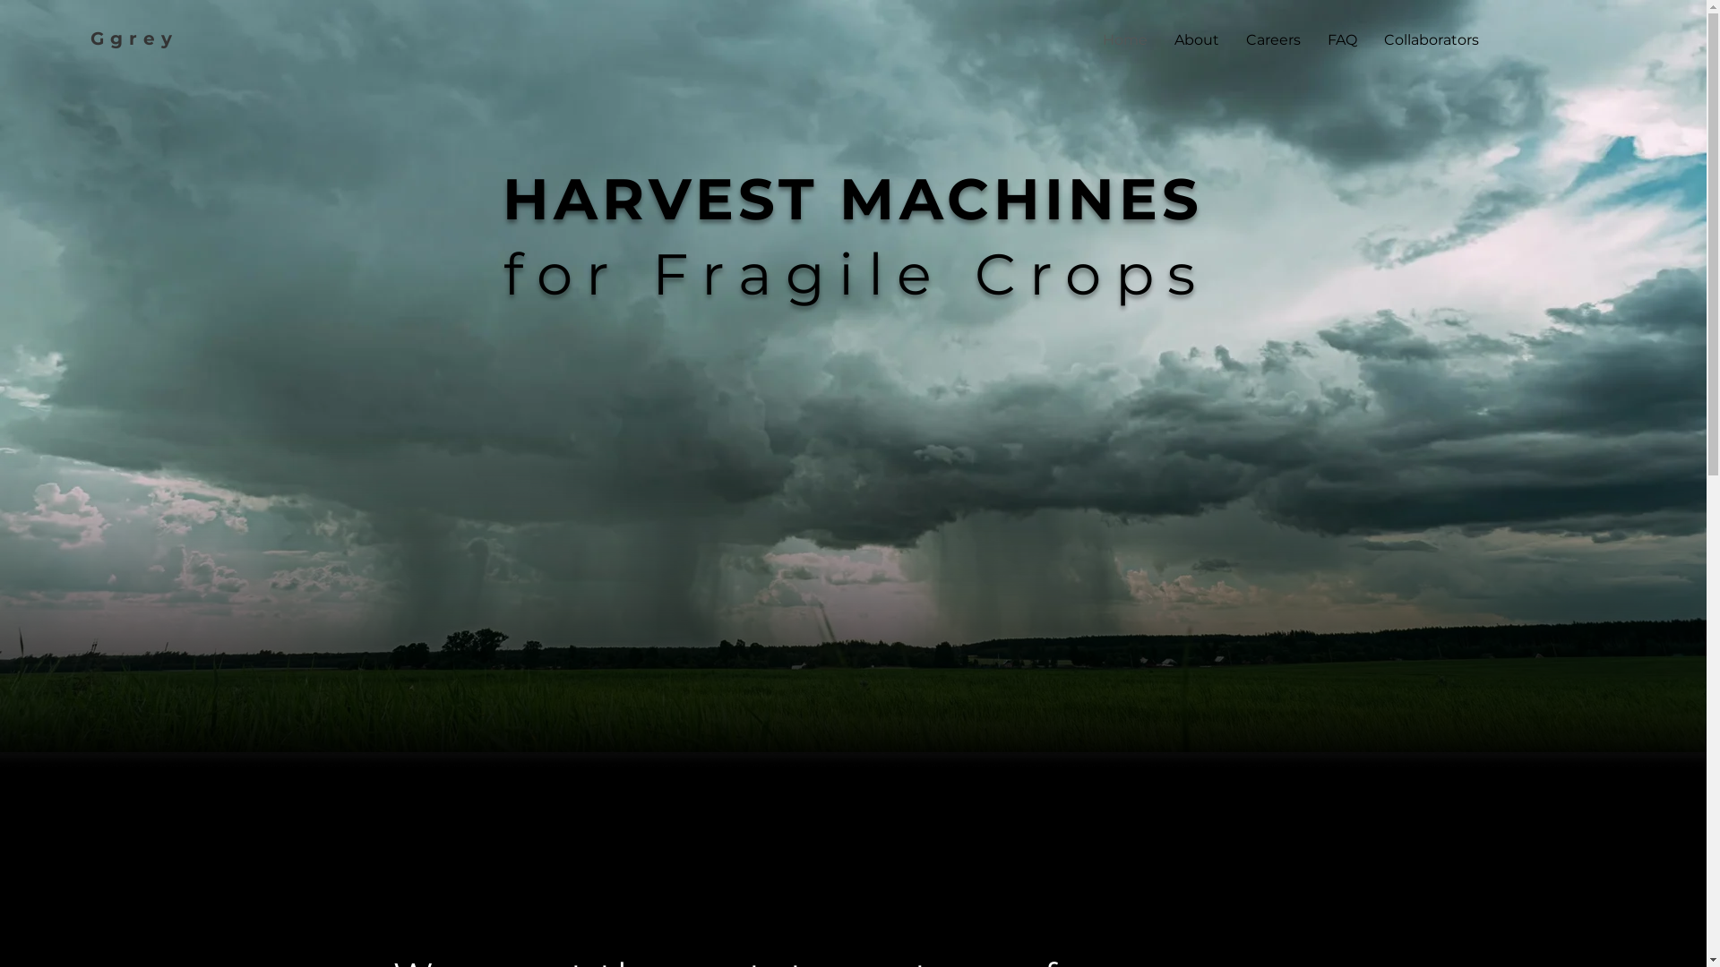  What do you see at coordinates (133, 38) in the screenshot?
I see `'Ggrey'` at bounding box center [133, 38].